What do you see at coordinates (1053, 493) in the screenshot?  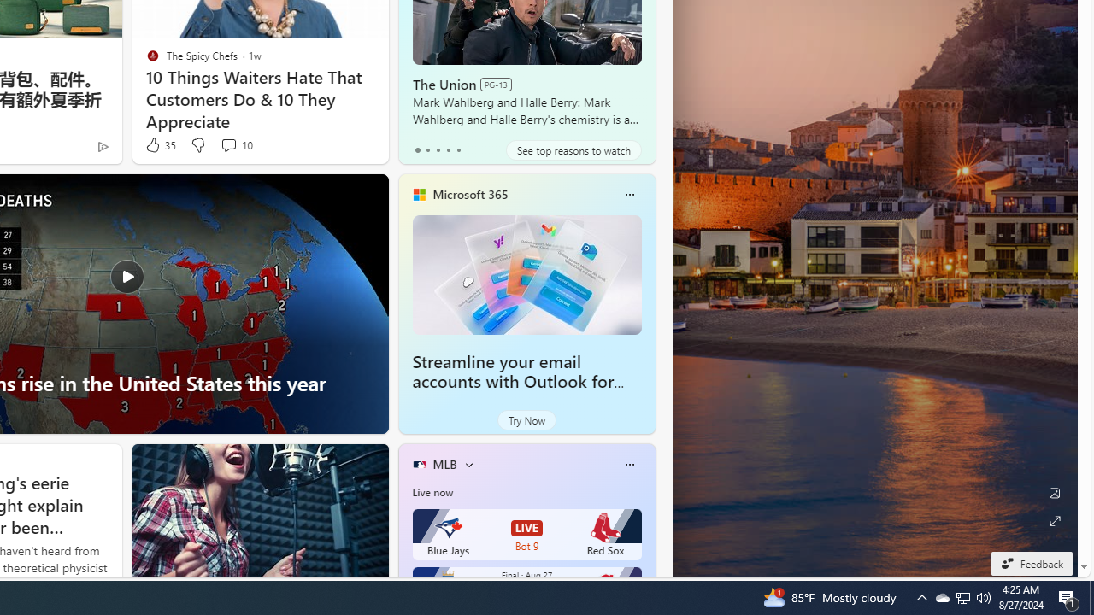 I see `'Edit Background'` at bounding box center [1053, 493].